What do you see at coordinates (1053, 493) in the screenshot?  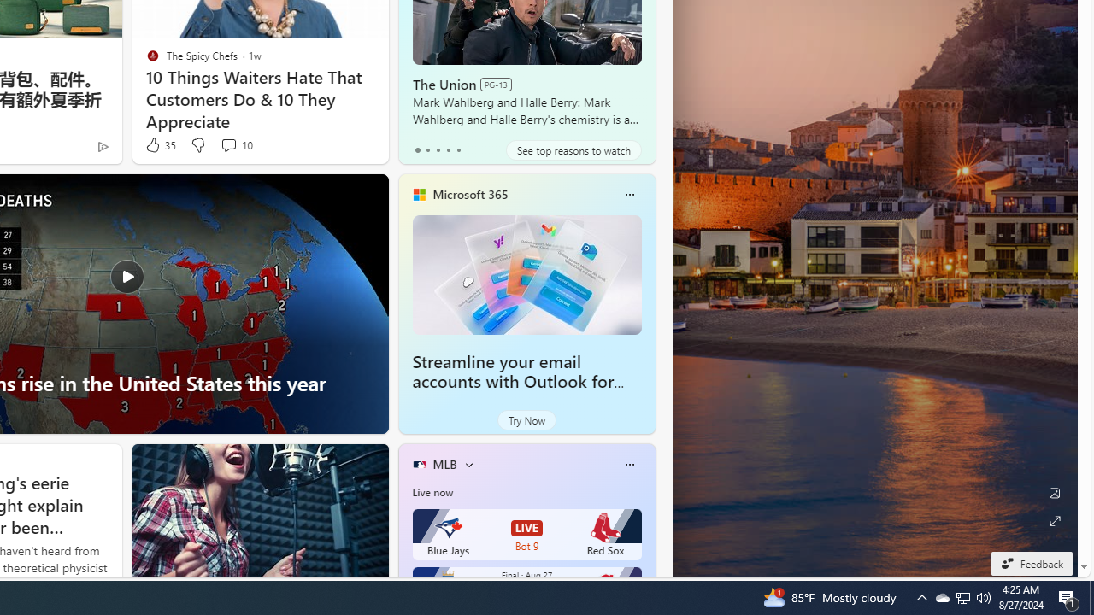 I see `'Edit Background'` at bounding box center [1053, 493].